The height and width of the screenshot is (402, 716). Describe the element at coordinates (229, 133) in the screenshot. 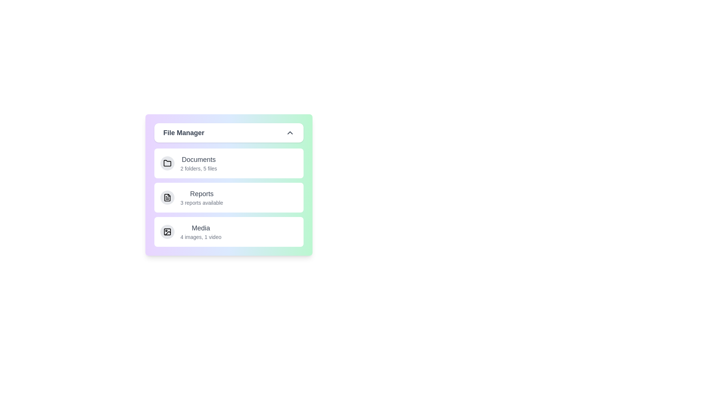

I see `the 'File Manager' button to toggle the menu visibility` at that location.